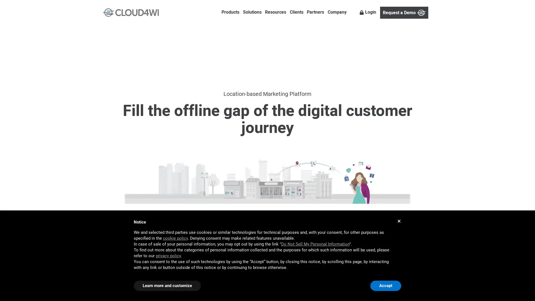 The image size is (535, 301). What do you see at coordinates (167, 286) in the screenshot?
I see `Learn more and customize` at bounding box center [167, 286].